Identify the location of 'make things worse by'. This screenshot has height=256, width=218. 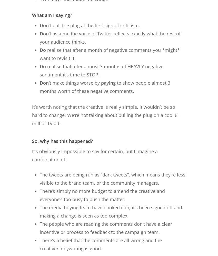
(76, 82).